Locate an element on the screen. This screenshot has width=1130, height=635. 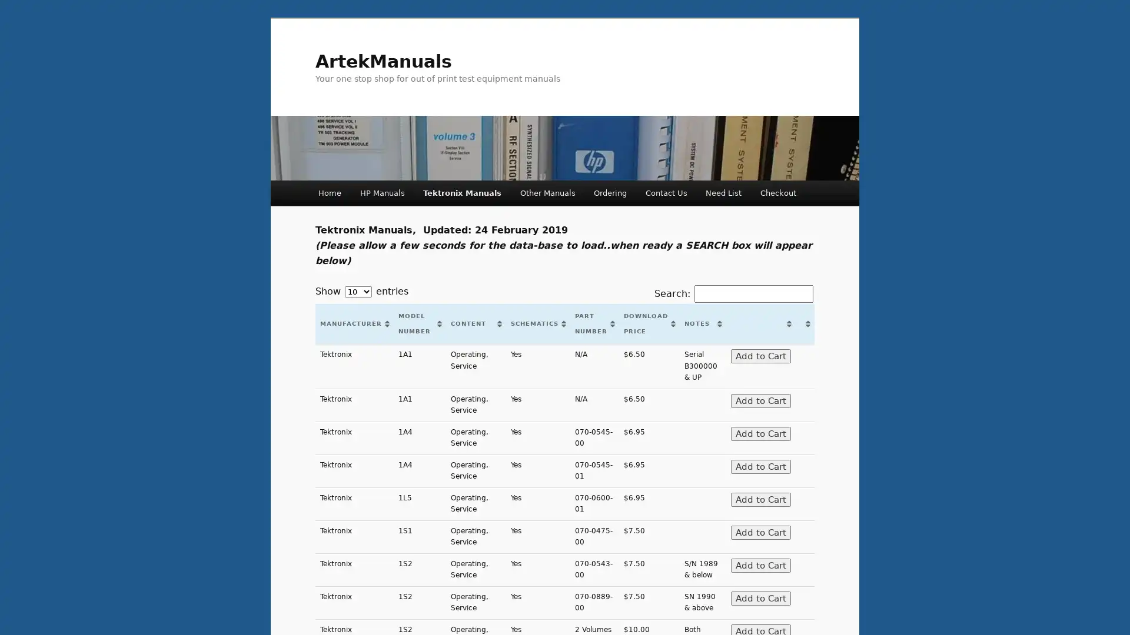
Add to Cart is located at coordinates (760, 532).